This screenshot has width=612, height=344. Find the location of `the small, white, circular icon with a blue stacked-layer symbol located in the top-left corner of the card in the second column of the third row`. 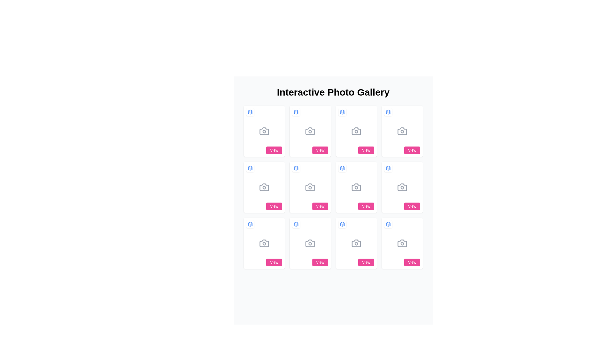

the small, white, circular icon with a blue stacked-layer symbol located in the top-left corner of the card in the second column of the third row is located at coordinates (342, 224).